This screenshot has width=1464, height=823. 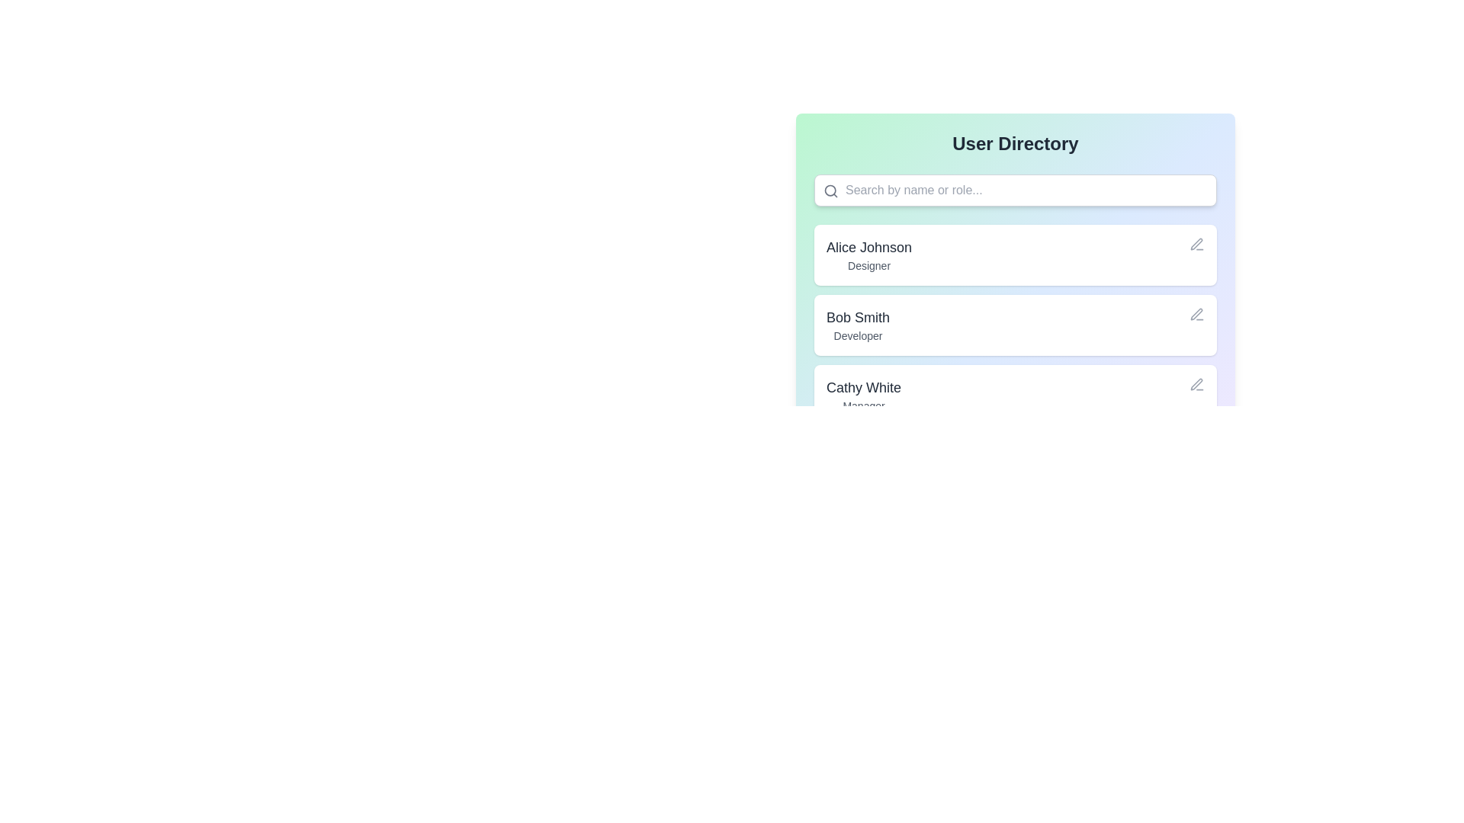 What do you see at coordinates (869, 246) in the screenshot?
I see `the text label displaying 'Alice Johnson', which is styled in bold, large dark gray font, located at the top-left section of the user directory interface, adjacent to the text 'Designer'` at bounding box center [869, 246].